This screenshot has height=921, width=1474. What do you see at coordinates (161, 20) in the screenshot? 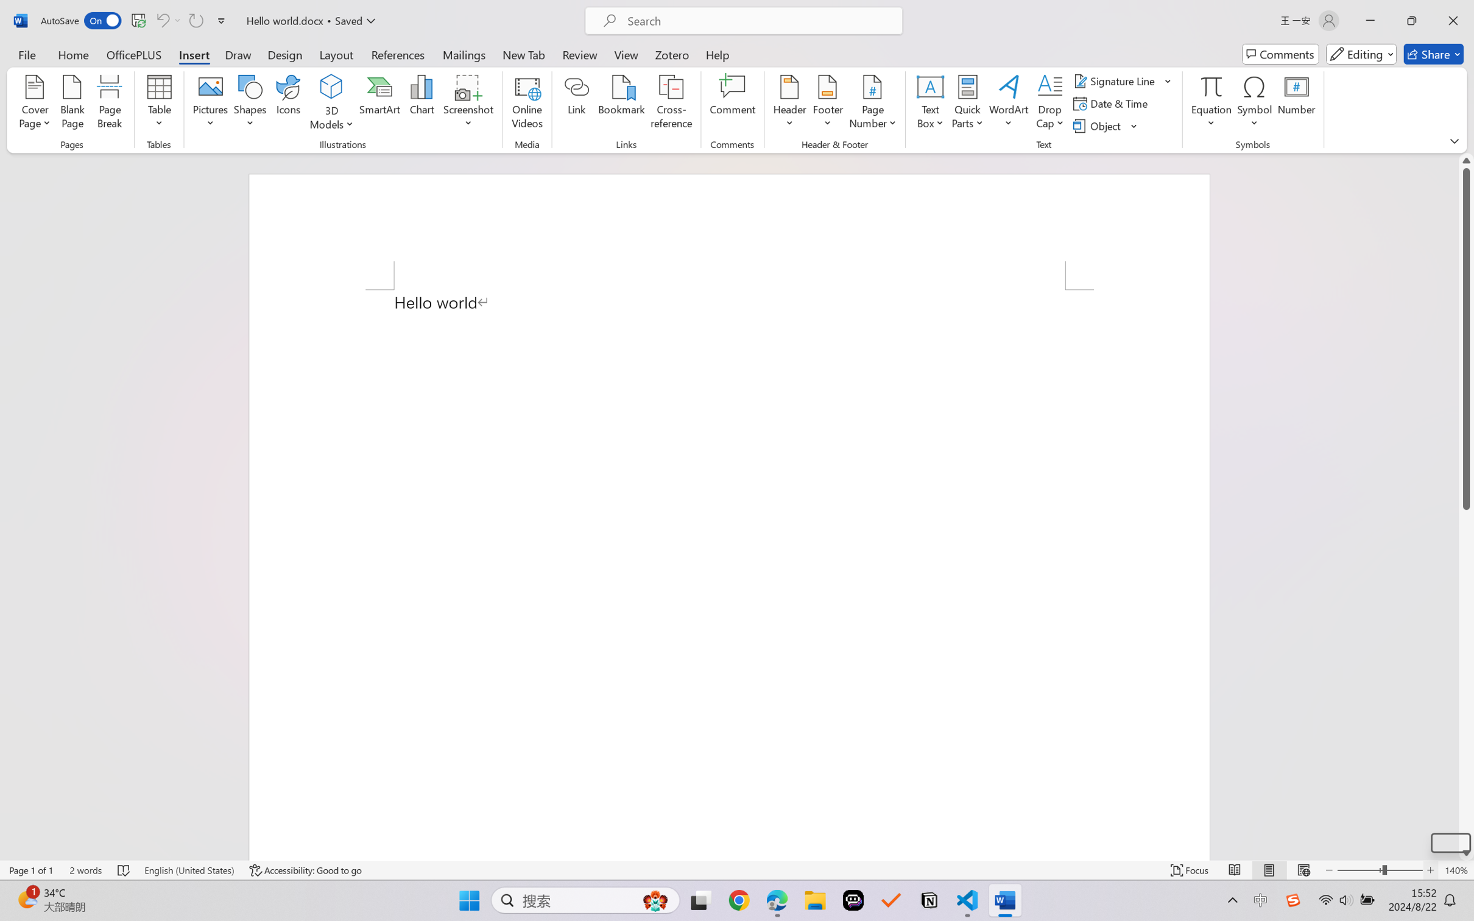
I see `'Can'` at bounding box center [161, 20].